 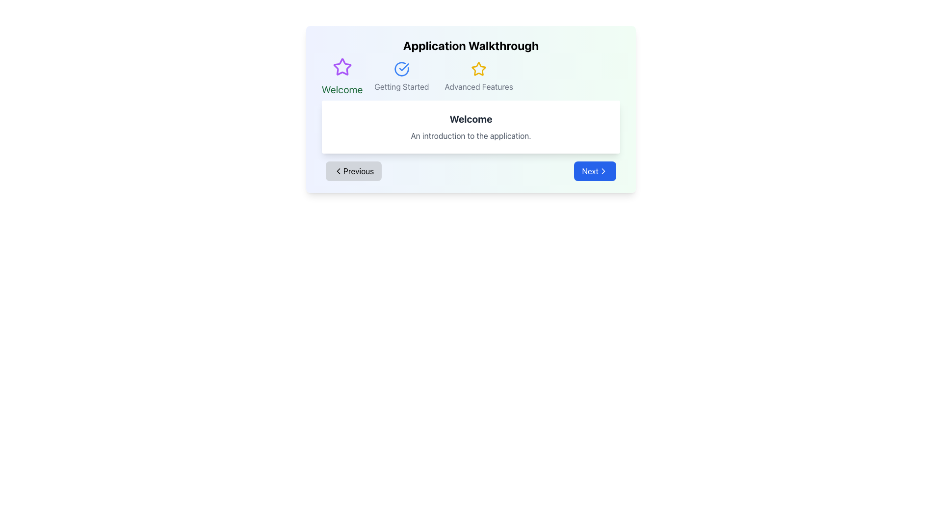 What do you see at coordinates (479, 69) in the screenshot?
I see `the star-shaped icon filled with bright yellow color, which is located above the 'Advanced Features' text in the header area of the application walkthrough` at bounding box center [479, 69].